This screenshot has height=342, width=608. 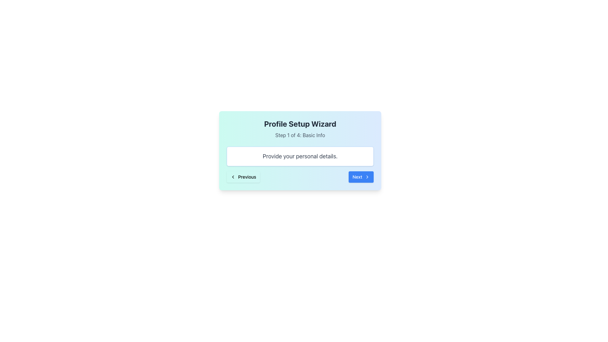 I want to click on the 'Previous' button located at the bottom left of the modal window, so click(x=243, y=177).